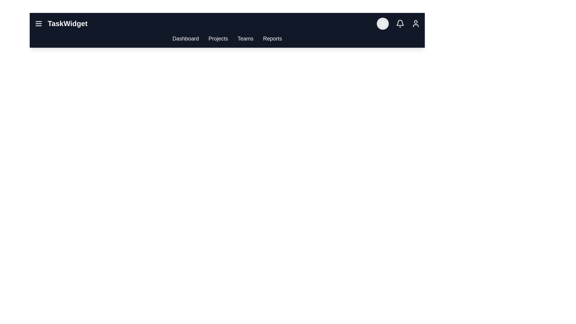  Describe the element at coordinates (400, 23) in the screenshot. I see `the bell icon to open the notifications panel` at that location.